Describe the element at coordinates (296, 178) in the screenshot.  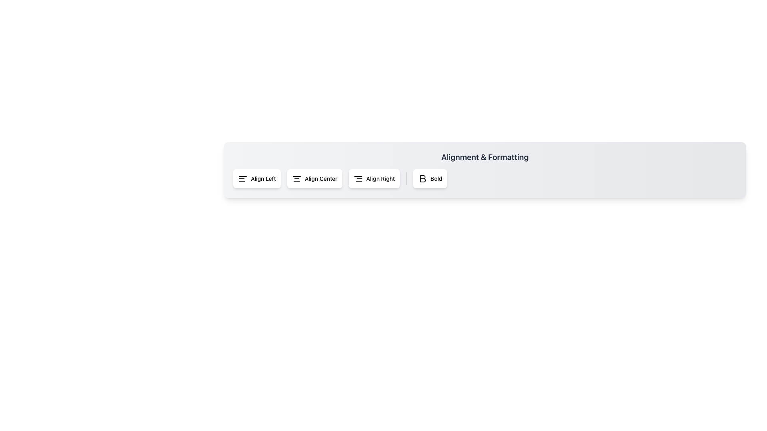
I see `the 'Align Center' SVG Icon located within the 'Align Center' button in the toolbar to center text or content` at that location.